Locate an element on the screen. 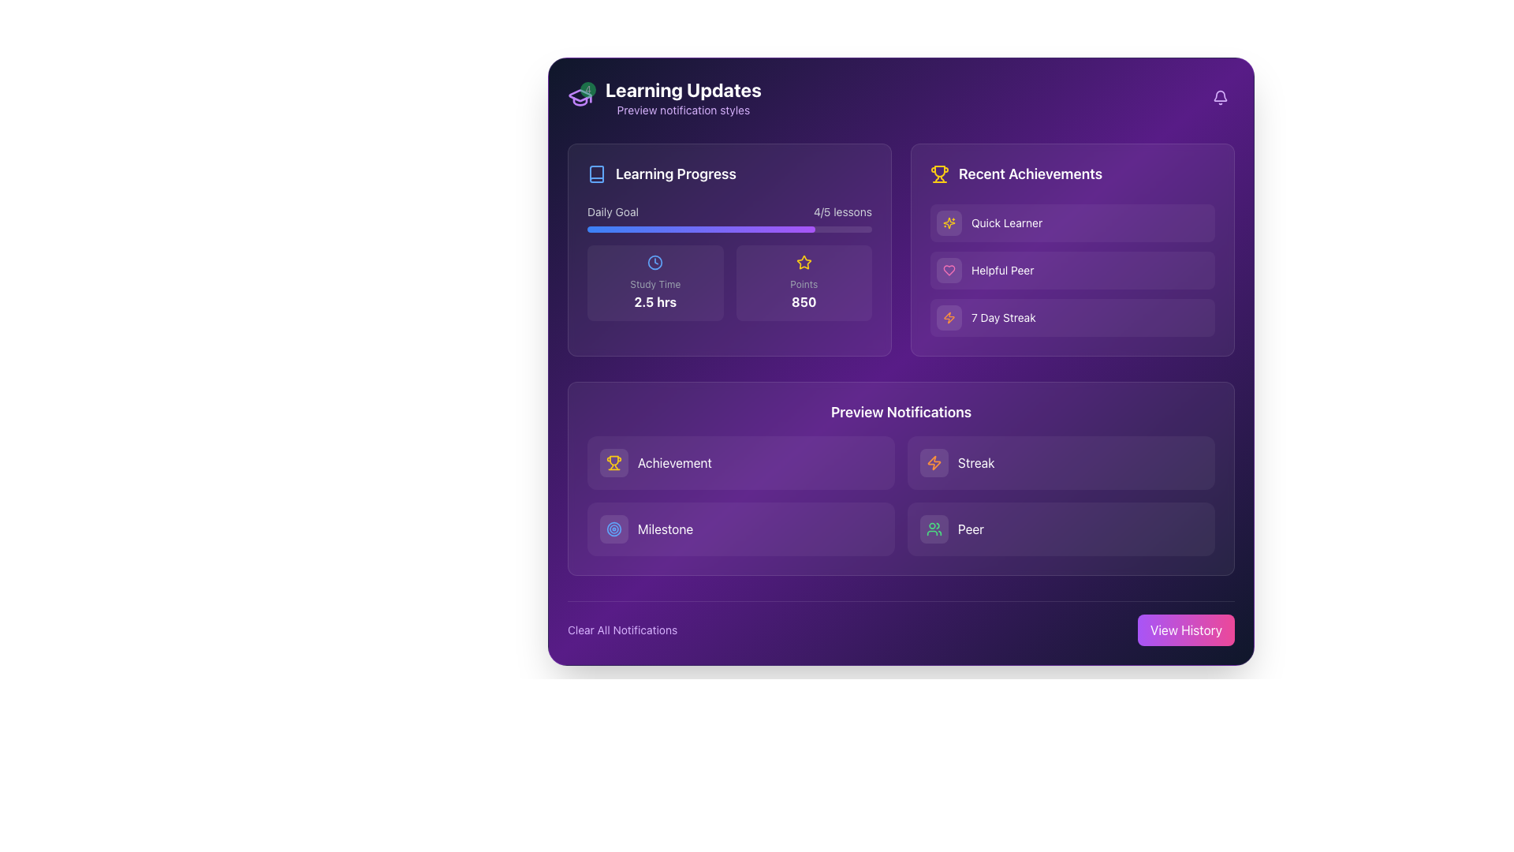  the bold white text '2.5 hrs' displayed on a purple background, which is located at the bottom of the 'Study Time' box in the 'Learning Progress' section is located at coordinates (655, 301).